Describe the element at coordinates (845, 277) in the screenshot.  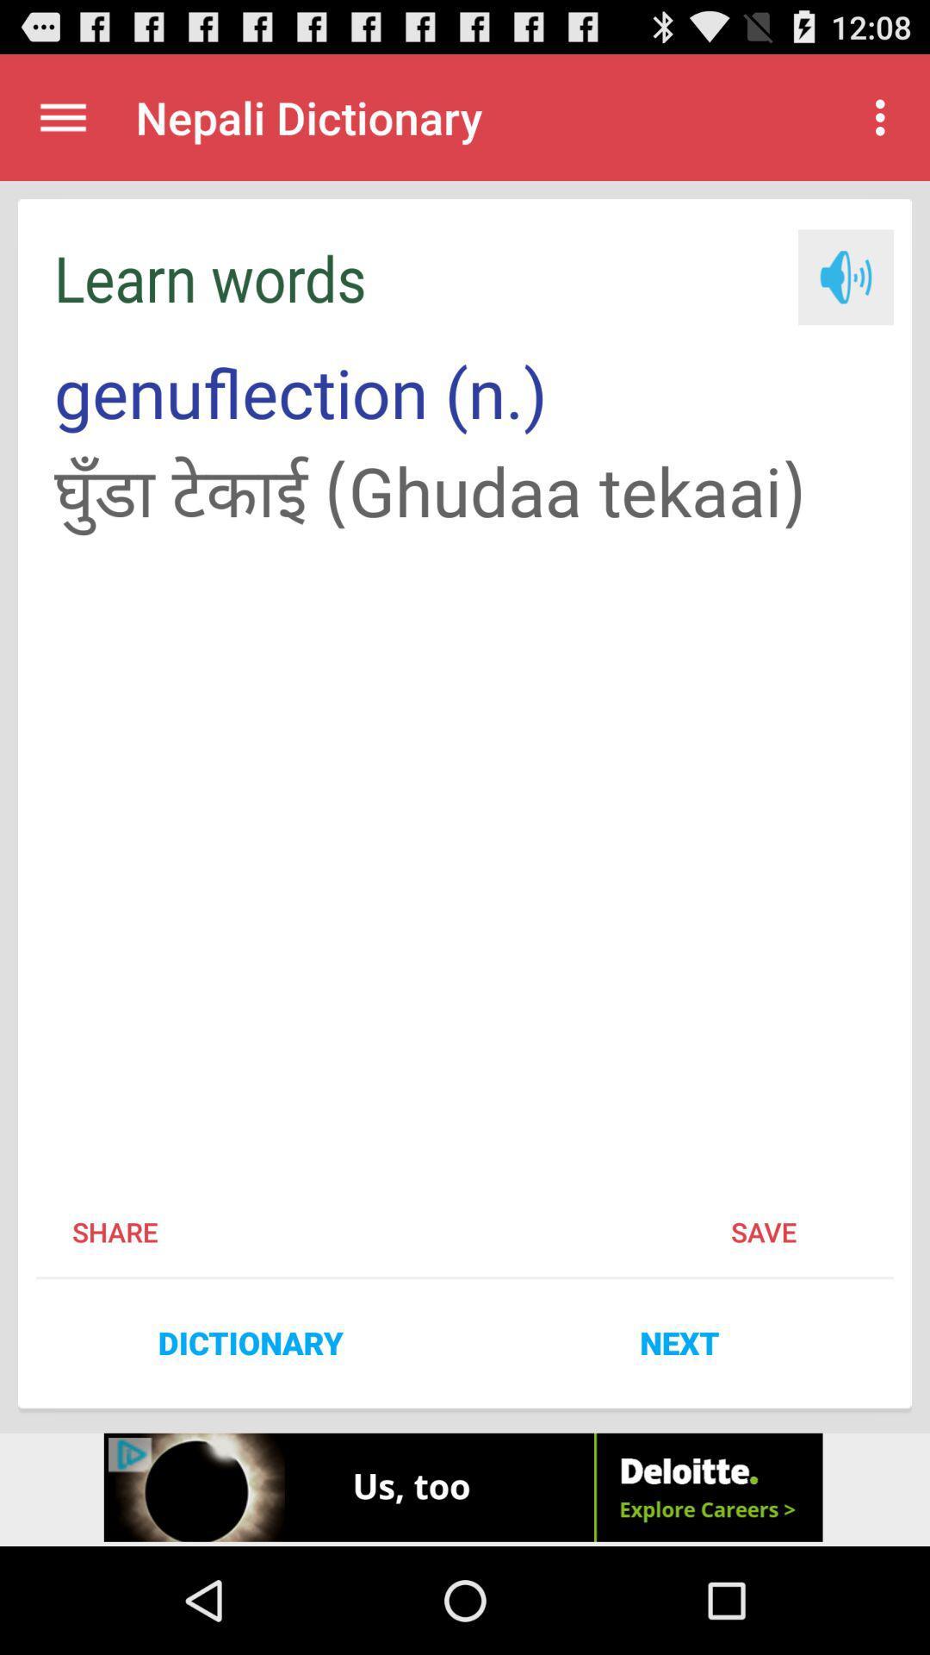
I see `speaker option` at that location.